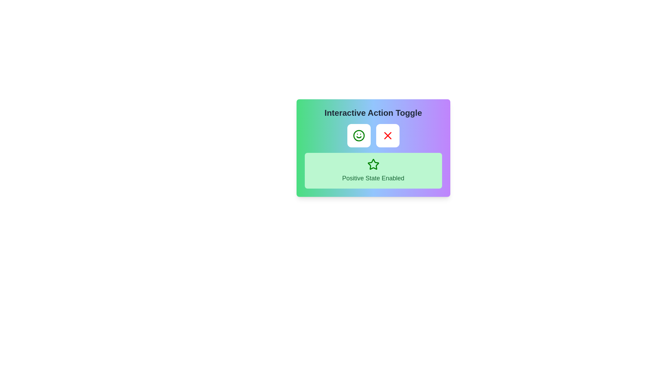 This screenshot has width=659, height=371. What do you see at coordinates (388, 135) in the screenshot?
I see `the 'X' icon, which serves as a negative action indicator, located at the top section of a rectangular card to the right of a green smiley face icon` at bounding box center [388, 135].